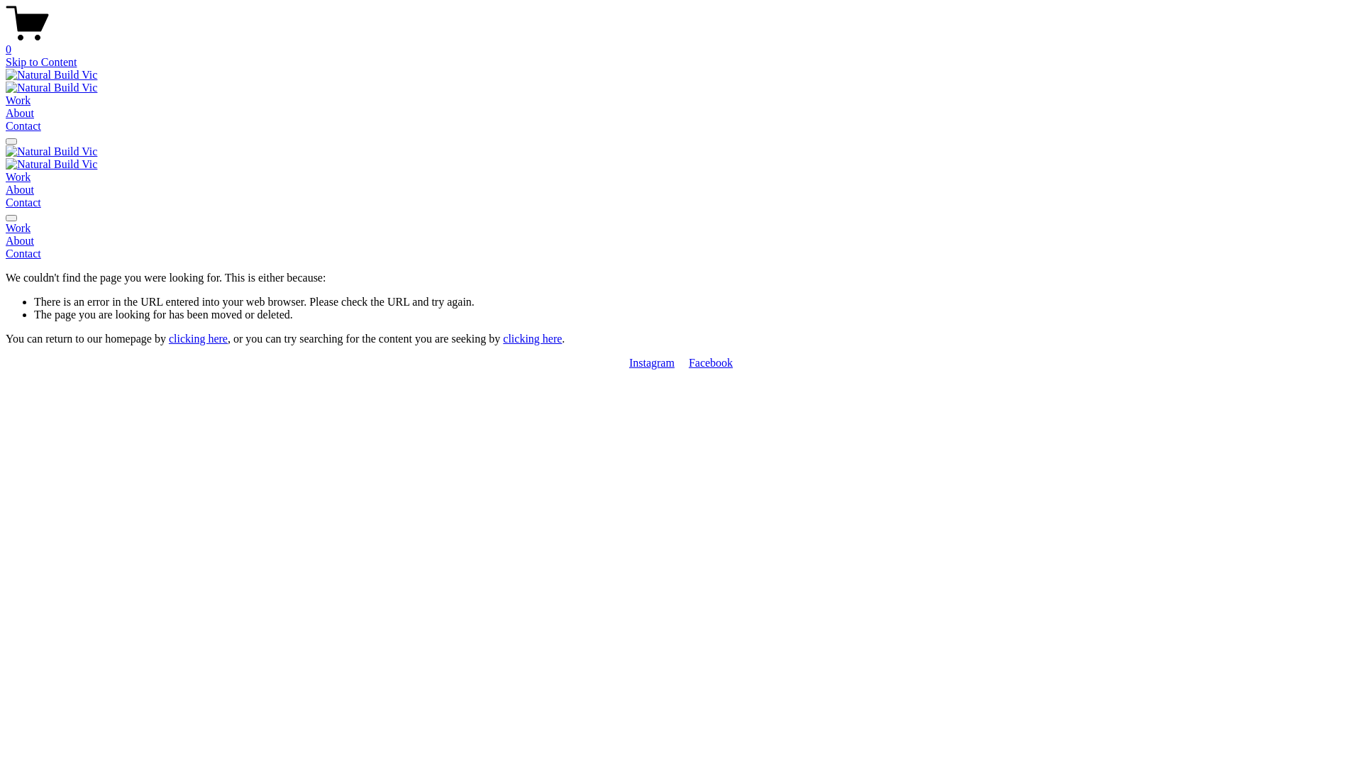 This screenshot has height=766, width=1362. What do you see at coordinates (650, 362) in the screenshot?
I see `'Instagram'` at bounding box center [650, 362].